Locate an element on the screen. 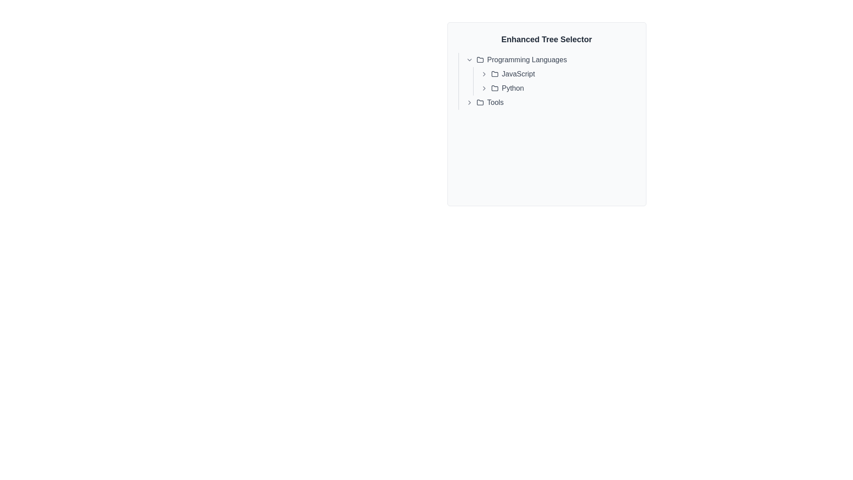 The width and height of the screenshot is (853, 480). the text label reading 'Programming Languages' which is styled in gray and has an underline on hover, located in the center area of the layout, accompanied by a folder icon to its left is located at coordinates (522, 60).